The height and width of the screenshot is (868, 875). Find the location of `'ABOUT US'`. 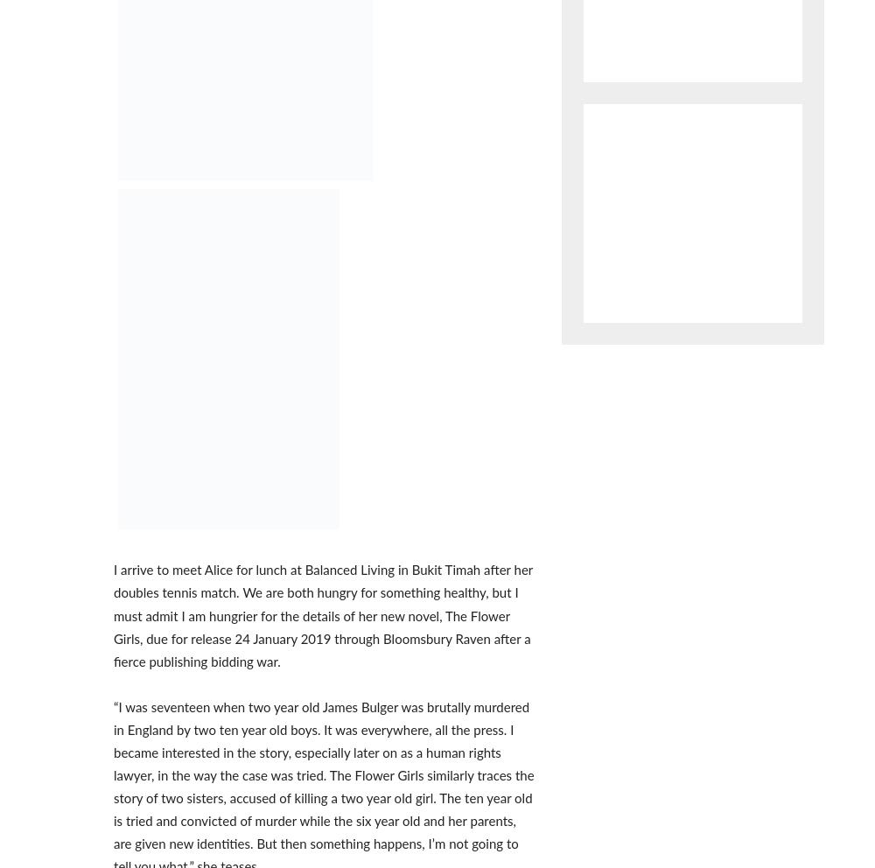

'ABOUT US' is located at coordinates (313, 572).